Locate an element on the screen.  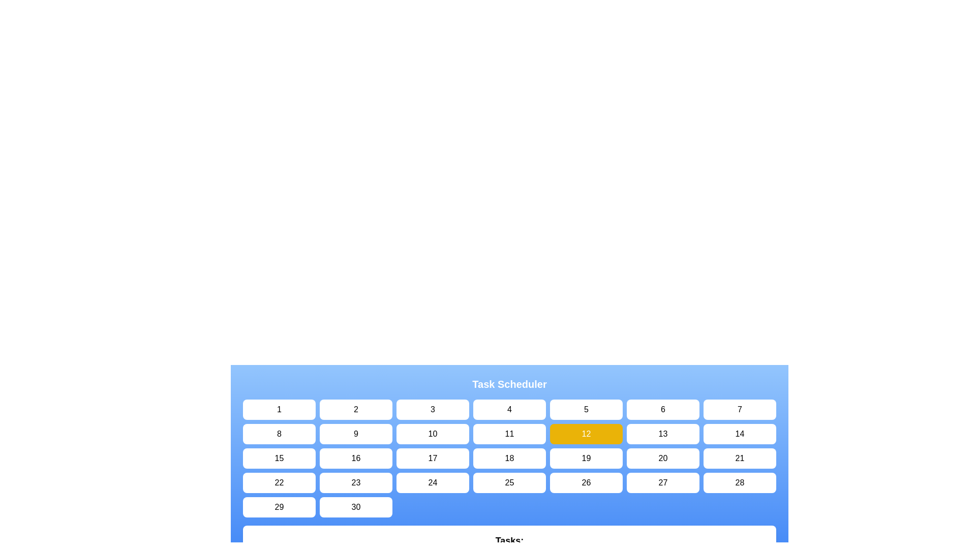
the button displaying the number '10' located in the second row and third column of the grid layout under the 'Task Scheduler' section is located at coordinates (433, 434).